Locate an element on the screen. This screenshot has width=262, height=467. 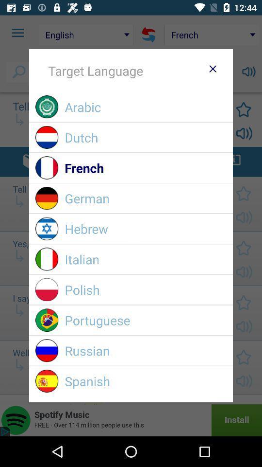
the spanish is located at coordinates (145, 381).